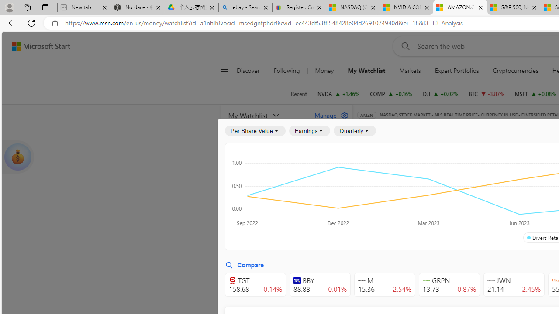 This screenshot has height=314, width=559. What do you see at coordinates (403, 46) in the screenshot?
I see `'Web search'` at bounding box center [403, 46].